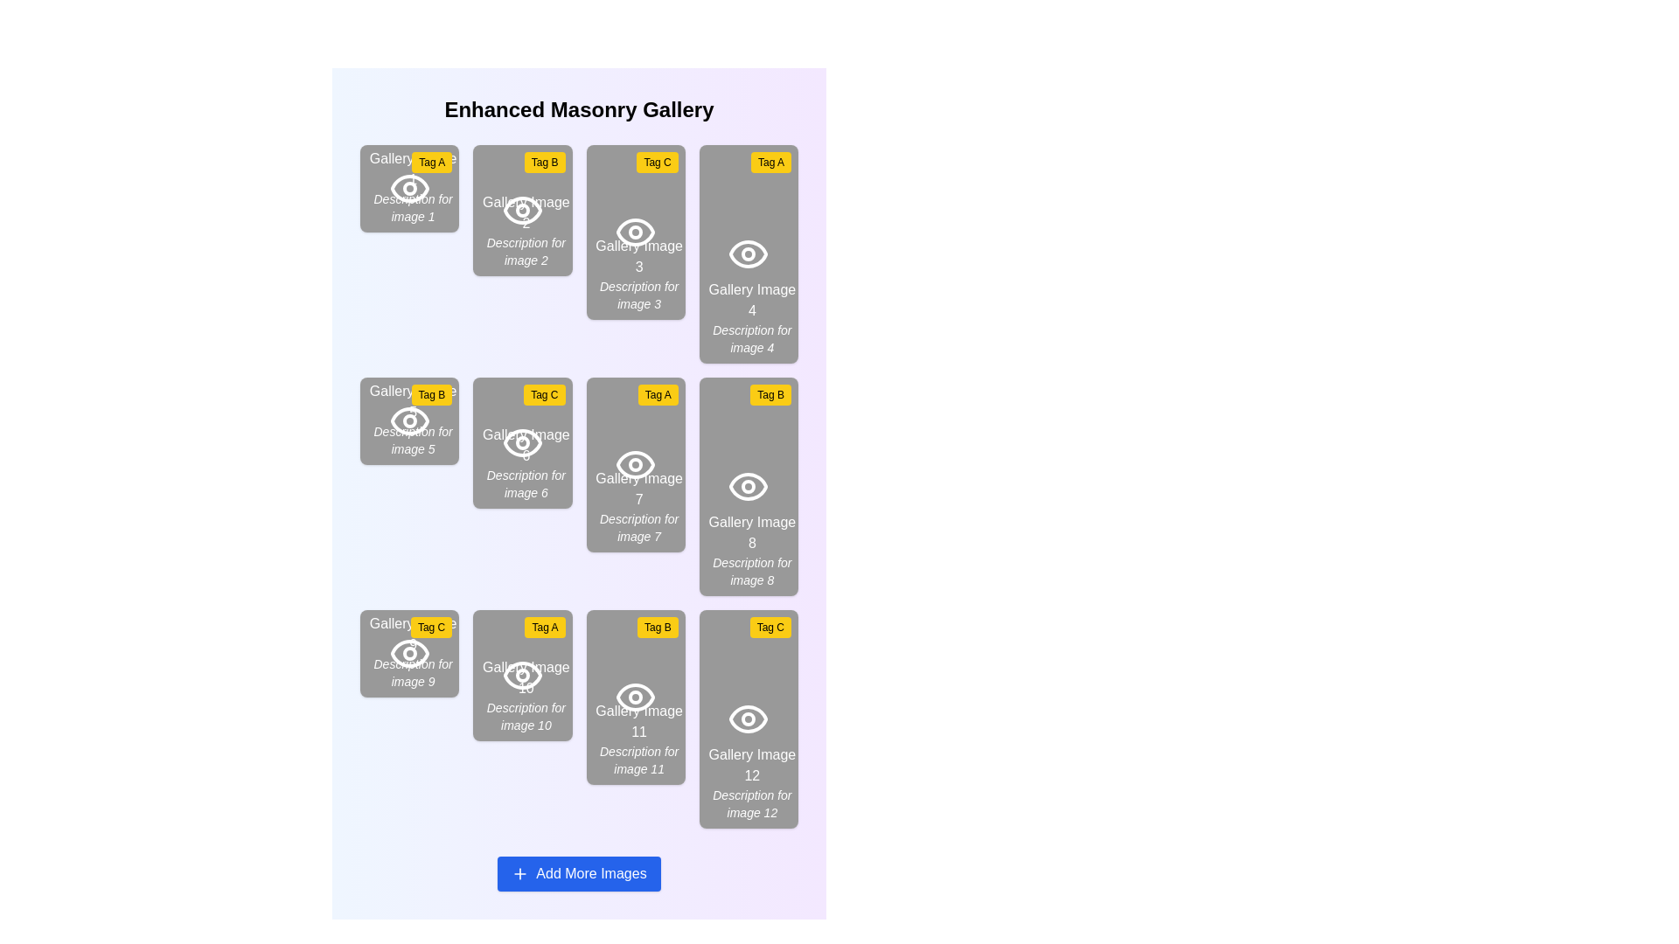 Image resolution: width=1679 pixels, height=944 pixels. Describe the element at coordinates (635, 232) in the screenshot. I see `the state of the icon located at the center of the card labeled 'Gallery Image 3', which is under the 'Tag C' marker in the gallery grid` at that location.